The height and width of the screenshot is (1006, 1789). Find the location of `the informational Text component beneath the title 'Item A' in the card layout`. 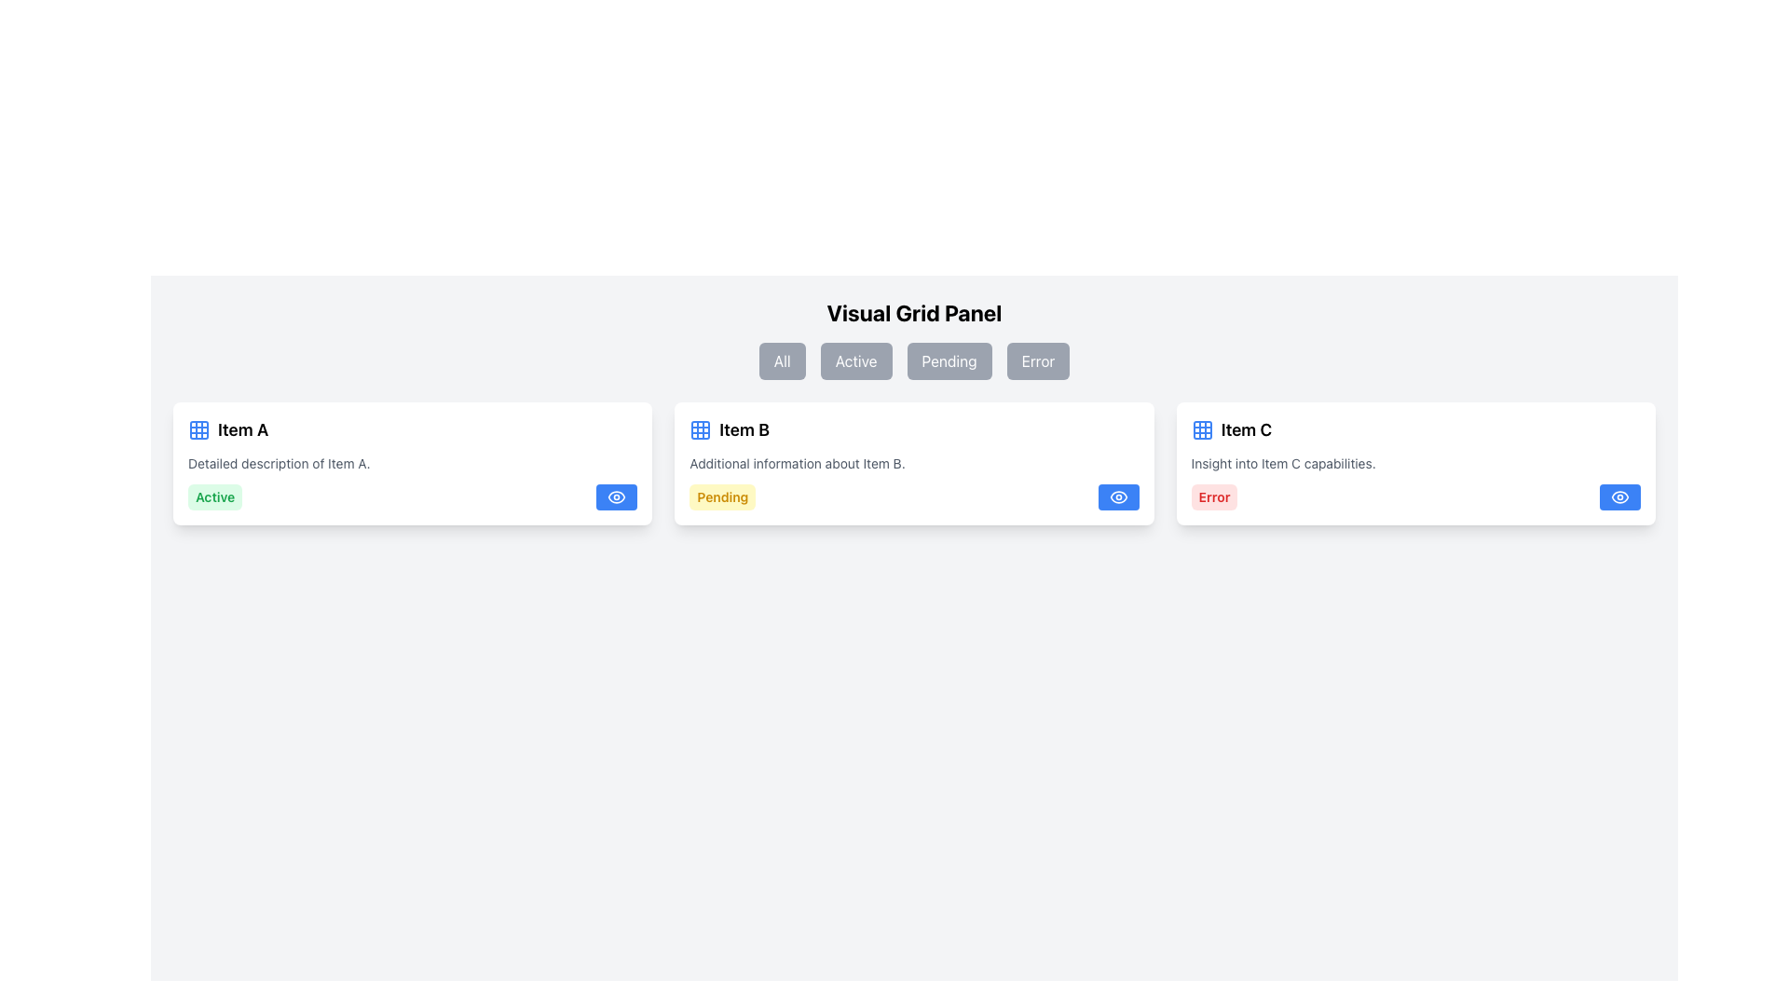

the informational Text component beneath the title 'Item A' in the card layout is located at coordinates (278, 462).